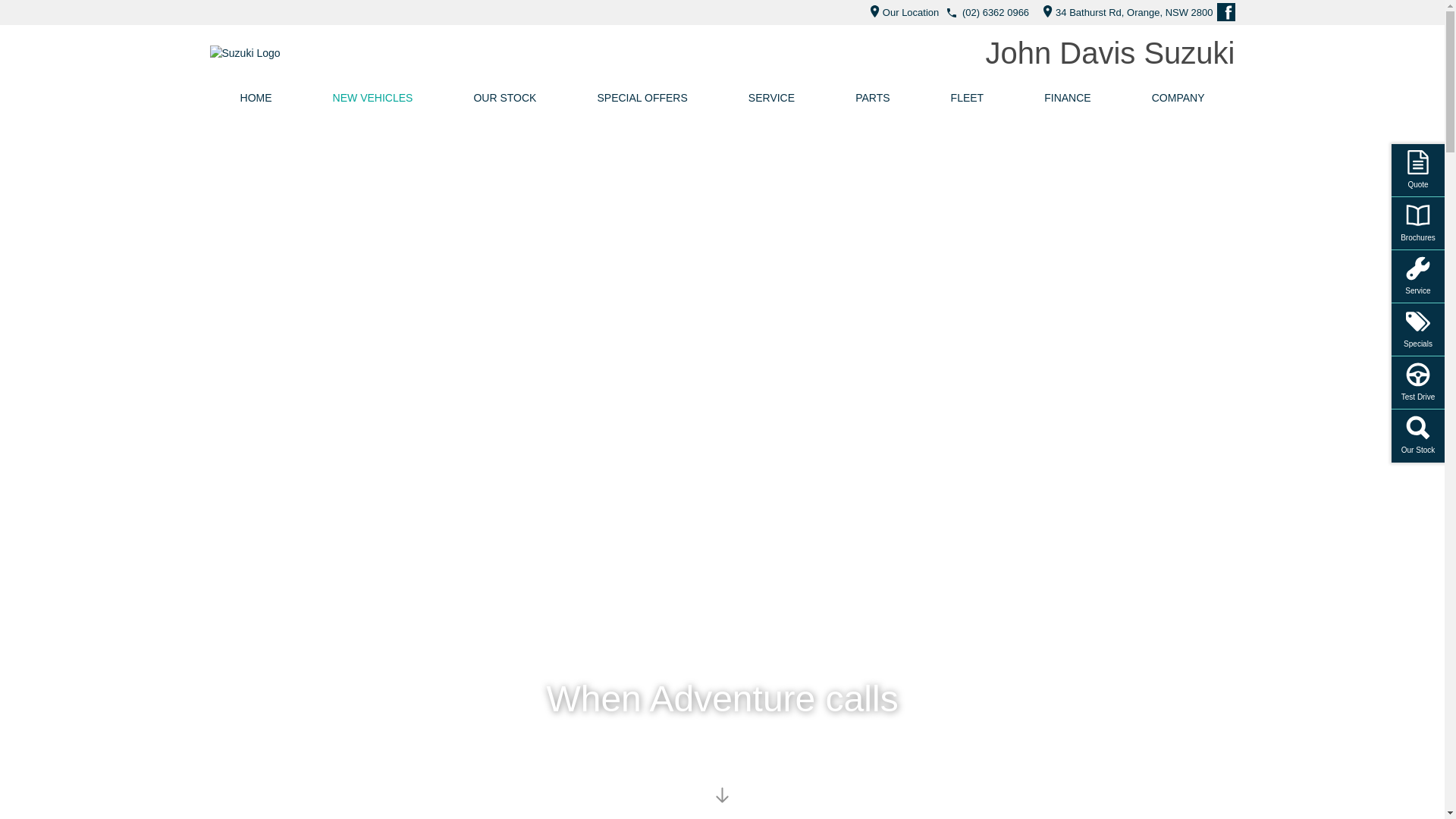 The width and height of the screenshot is (1456, 819). Describe the element at coordinates (1124, 12) in the screenshot. I see `'34 Bathurst Rd, Orange, NSW 2800'` at that location.